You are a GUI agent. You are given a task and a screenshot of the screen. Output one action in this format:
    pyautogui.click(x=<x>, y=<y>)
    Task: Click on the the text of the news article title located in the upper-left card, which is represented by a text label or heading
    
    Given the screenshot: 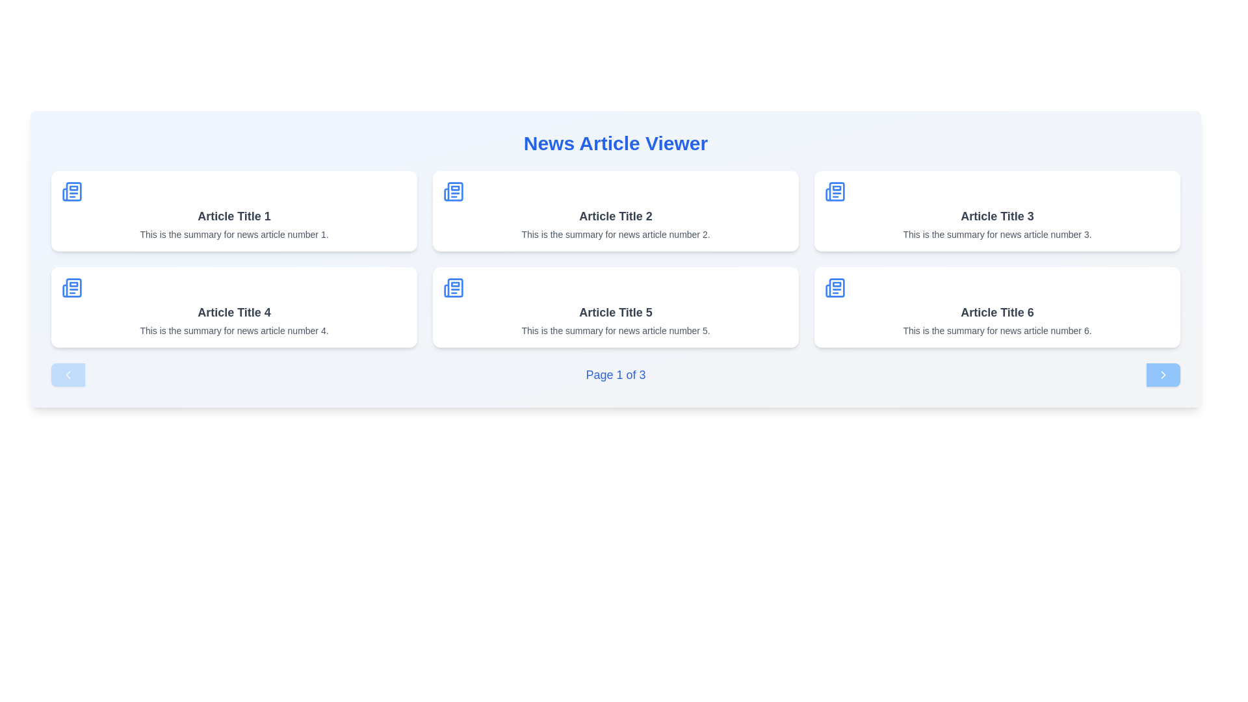 What is the action you would take?
    pyautogui.click(x=234, y=215)
    